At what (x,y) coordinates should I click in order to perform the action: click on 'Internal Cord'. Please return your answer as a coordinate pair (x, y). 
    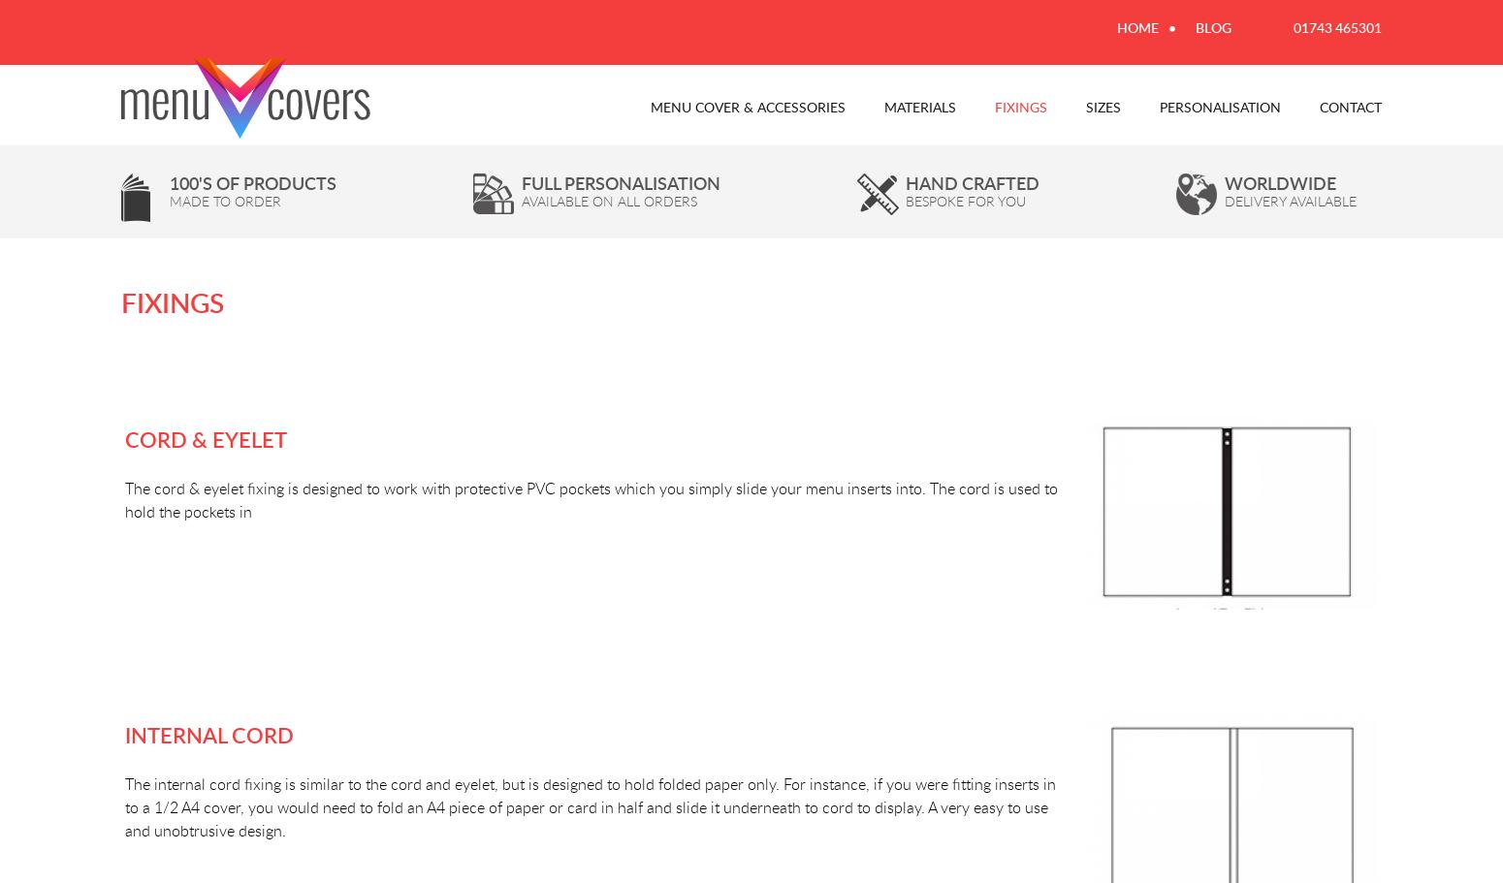
    Looking at the image, I should click on (208, 734).